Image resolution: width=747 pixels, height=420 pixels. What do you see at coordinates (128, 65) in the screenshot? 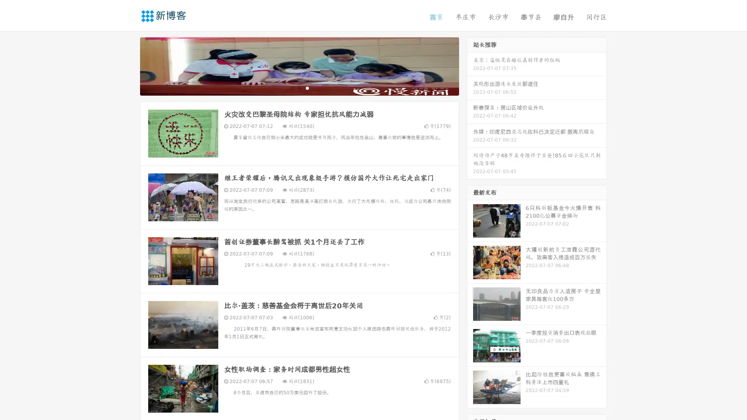
I see `Previous slide` at bounding box center [128, 65].